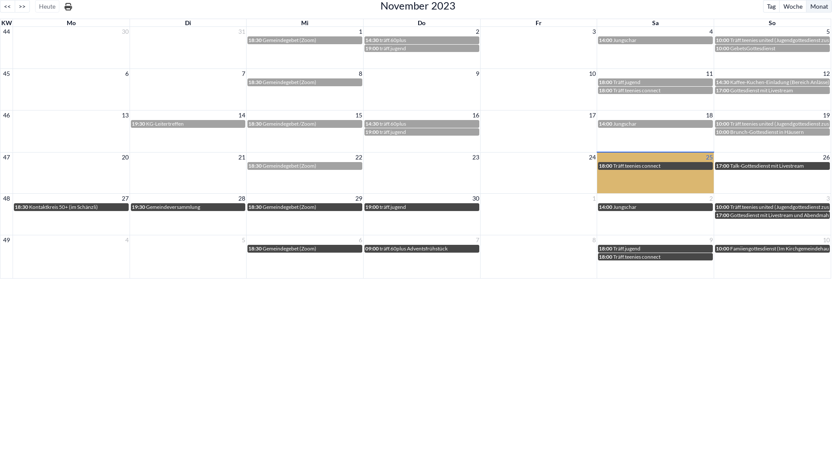 The image size is (832, 468). Describe the element at coordinates (771, 6) in the screenshot. I see `'Tag'` at that location.